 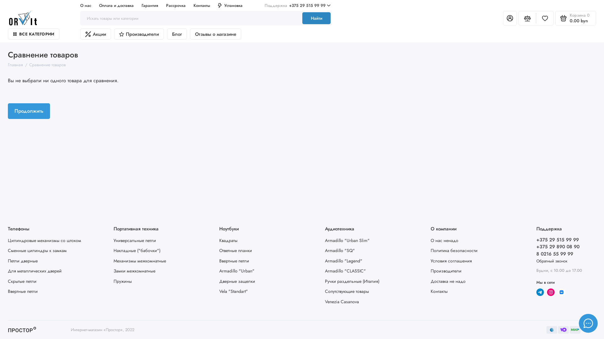 I want to click on '+375 29 890 08 90', so click(x=558, y=246).